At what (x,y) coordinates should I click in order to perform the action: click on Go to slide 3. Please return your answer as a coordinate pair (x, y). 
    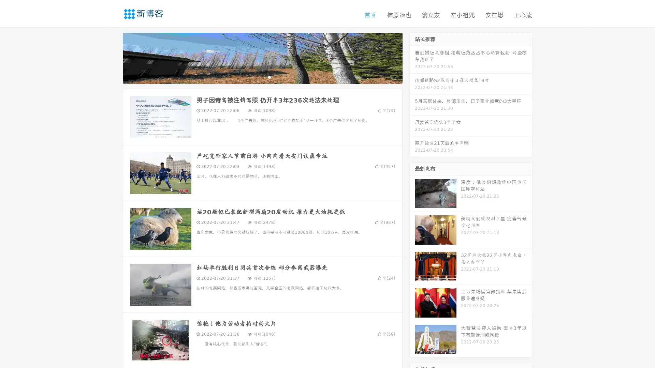
    Looking at the image, I should click on (269, 77).